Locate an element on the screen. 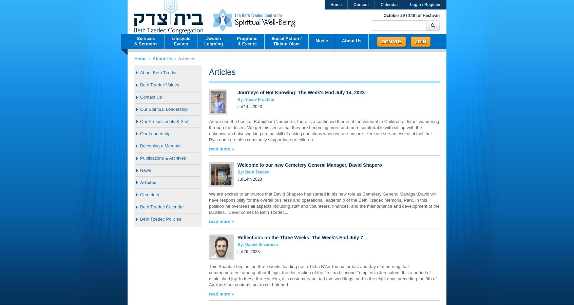 The image size is (574, 305). 'Beth Tzedec Values' is located at coordinates (159, 84).